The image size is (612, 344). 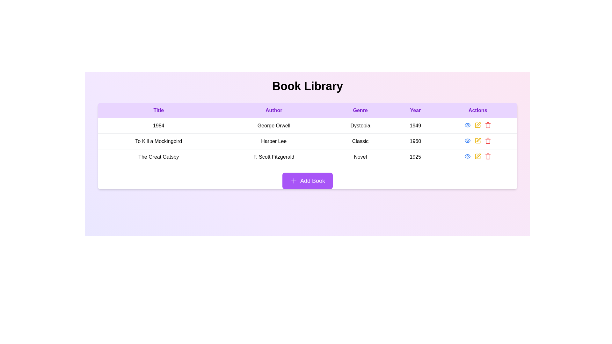 I want to click on the Text Display element displaying 'George Orwell', located in the 'Author' column of the table corresponding to the book '1984', so click(x=274, y=126).